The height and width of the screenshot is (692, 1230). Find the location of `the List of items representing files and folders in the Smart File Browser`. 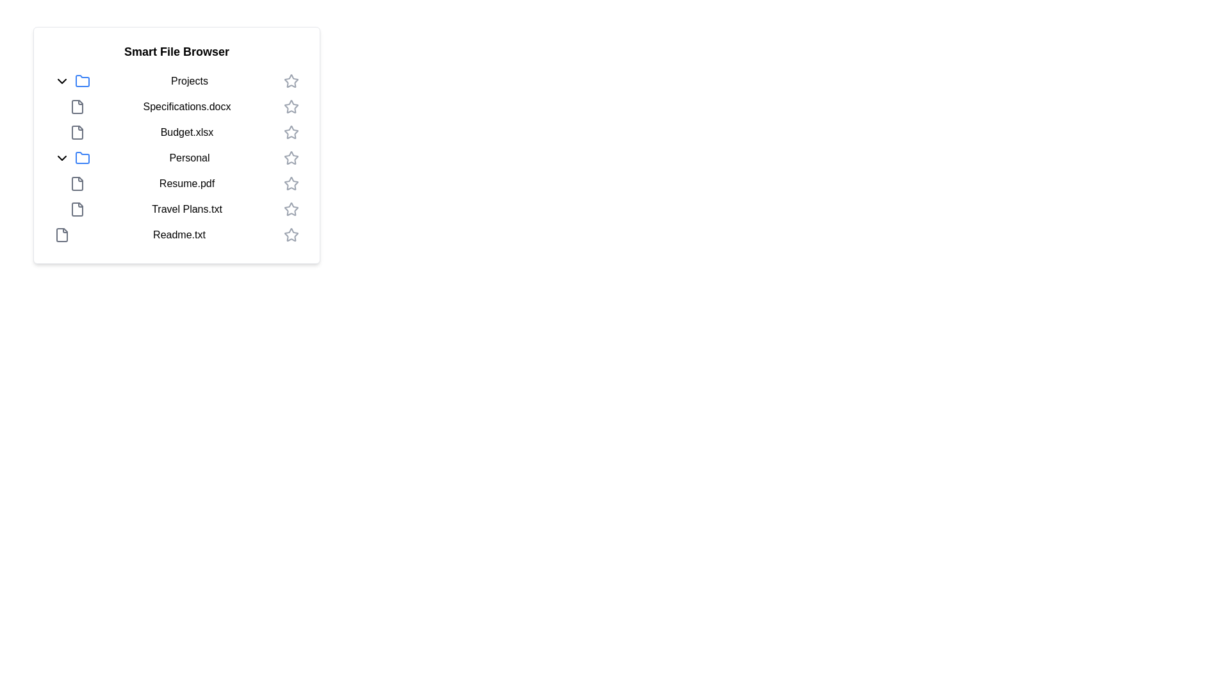

the List of items representing files and folders in the Smart File Browser is located at coordinates (176, 157).